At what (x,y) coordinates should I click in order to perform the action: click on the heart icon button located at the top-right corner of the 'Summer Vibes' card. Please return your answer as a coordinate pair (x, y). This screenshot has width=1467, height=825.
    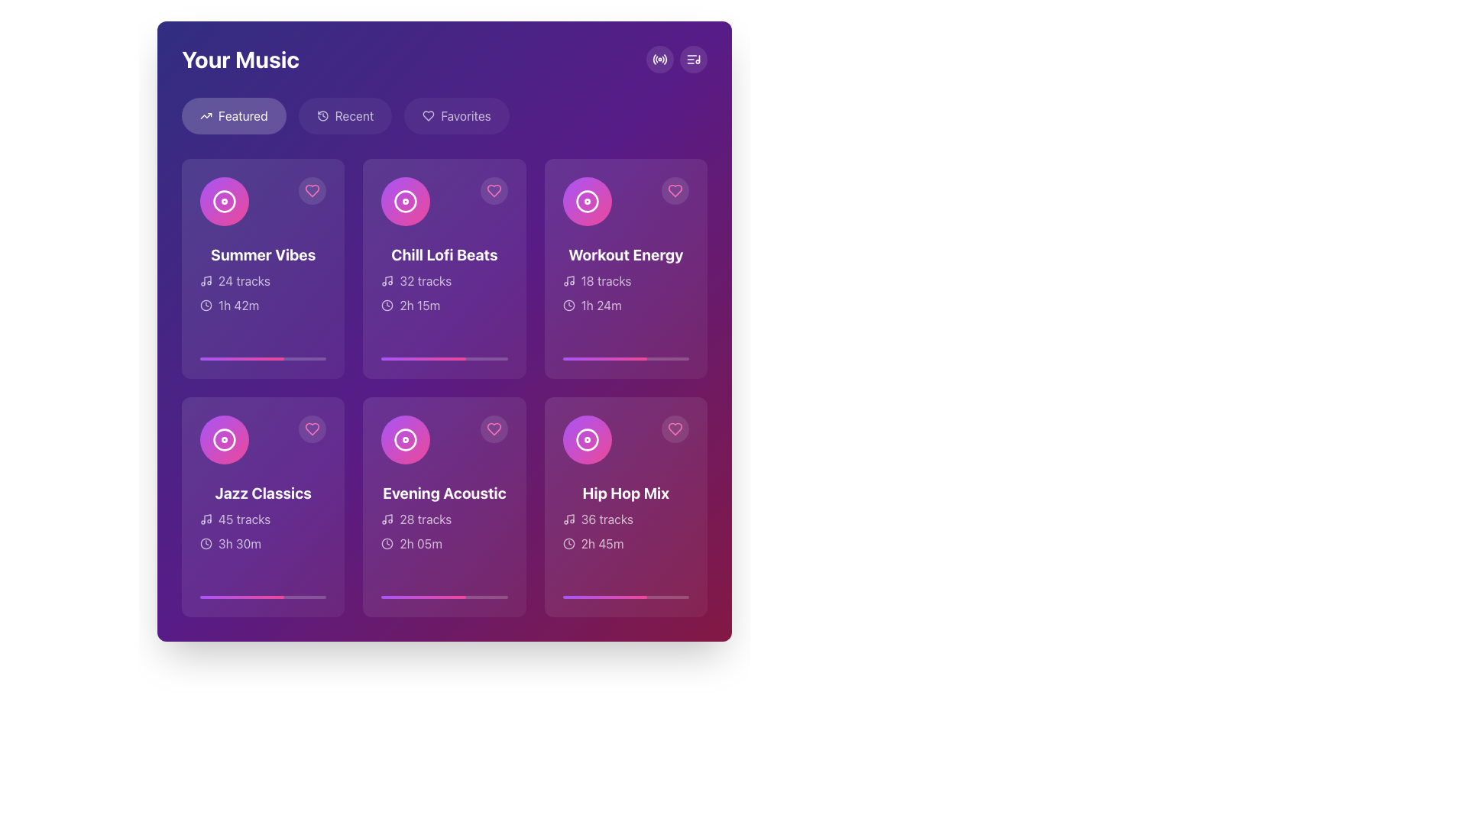
    Looking at the image, I should click on (312, 190).